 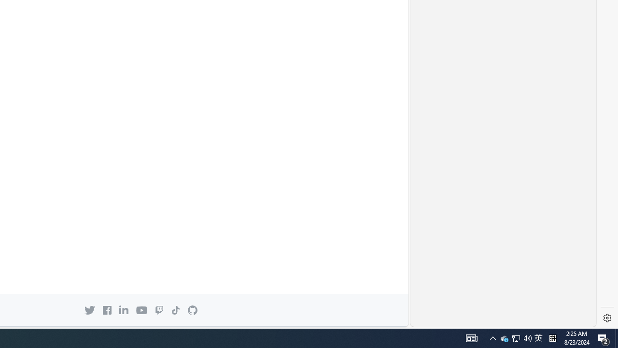 What do you see at coordinates (159, 310) in the screenshot?
I see `'Twitch icon'` at bounding box center [159, 310].